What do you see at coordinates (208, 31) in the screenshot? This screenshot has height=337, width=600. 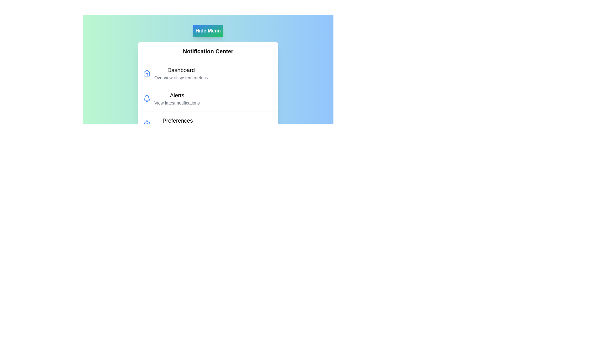 I see `the 'Hide Menu' button to toggle the menu visibility` at bounding box center [208, 31].